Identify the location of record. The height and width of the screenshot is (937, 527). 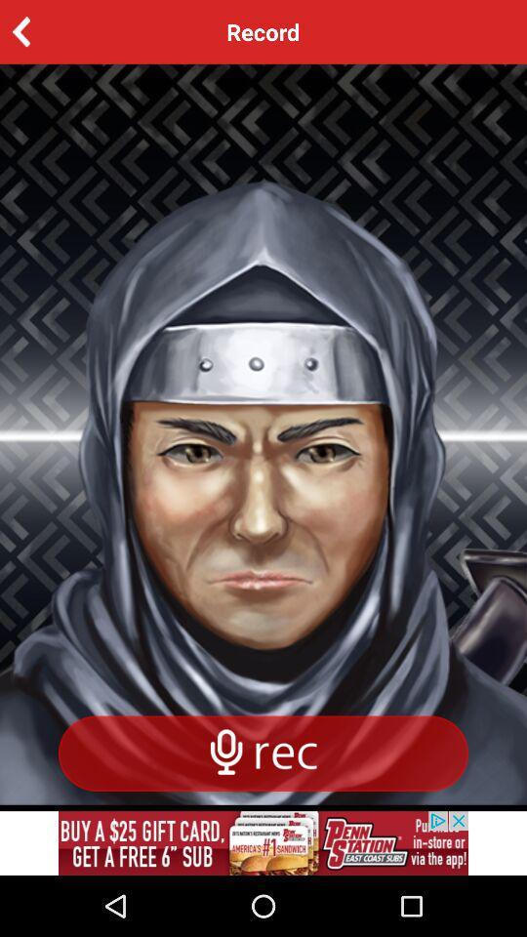
(263, 753).